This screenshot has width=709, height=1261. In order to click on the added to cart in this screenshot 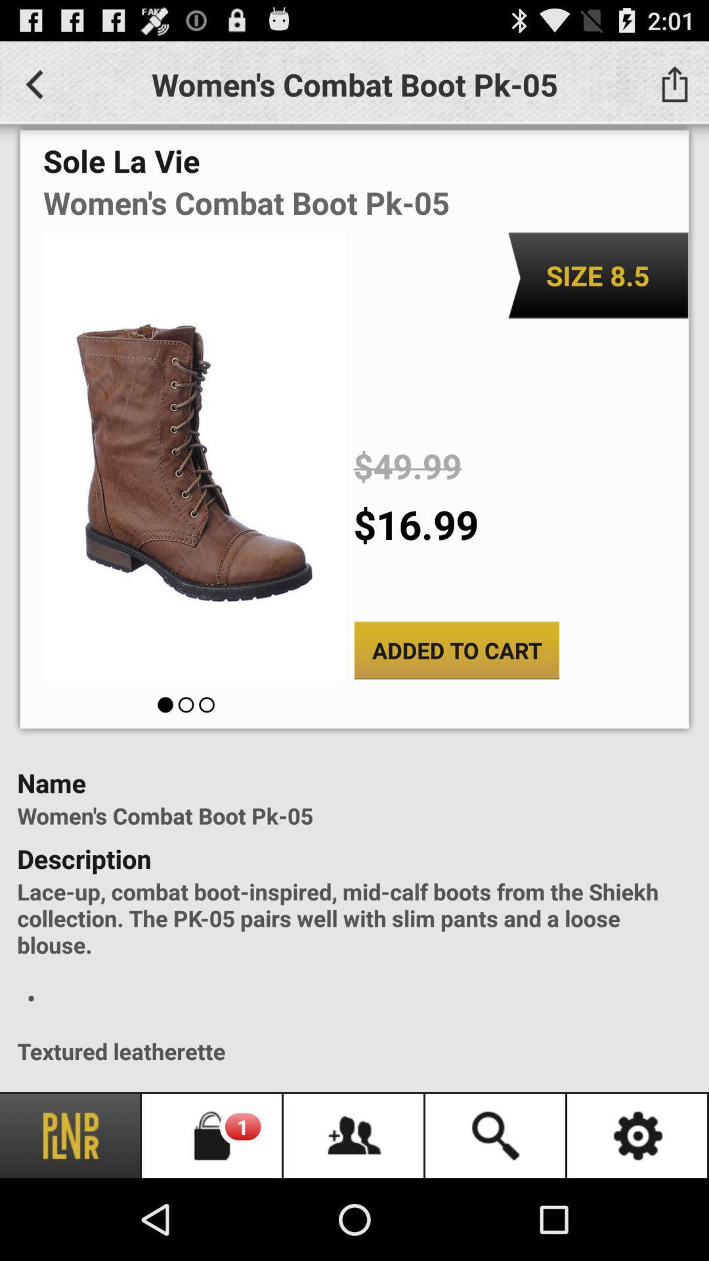, I will do `click(456, 650)`.